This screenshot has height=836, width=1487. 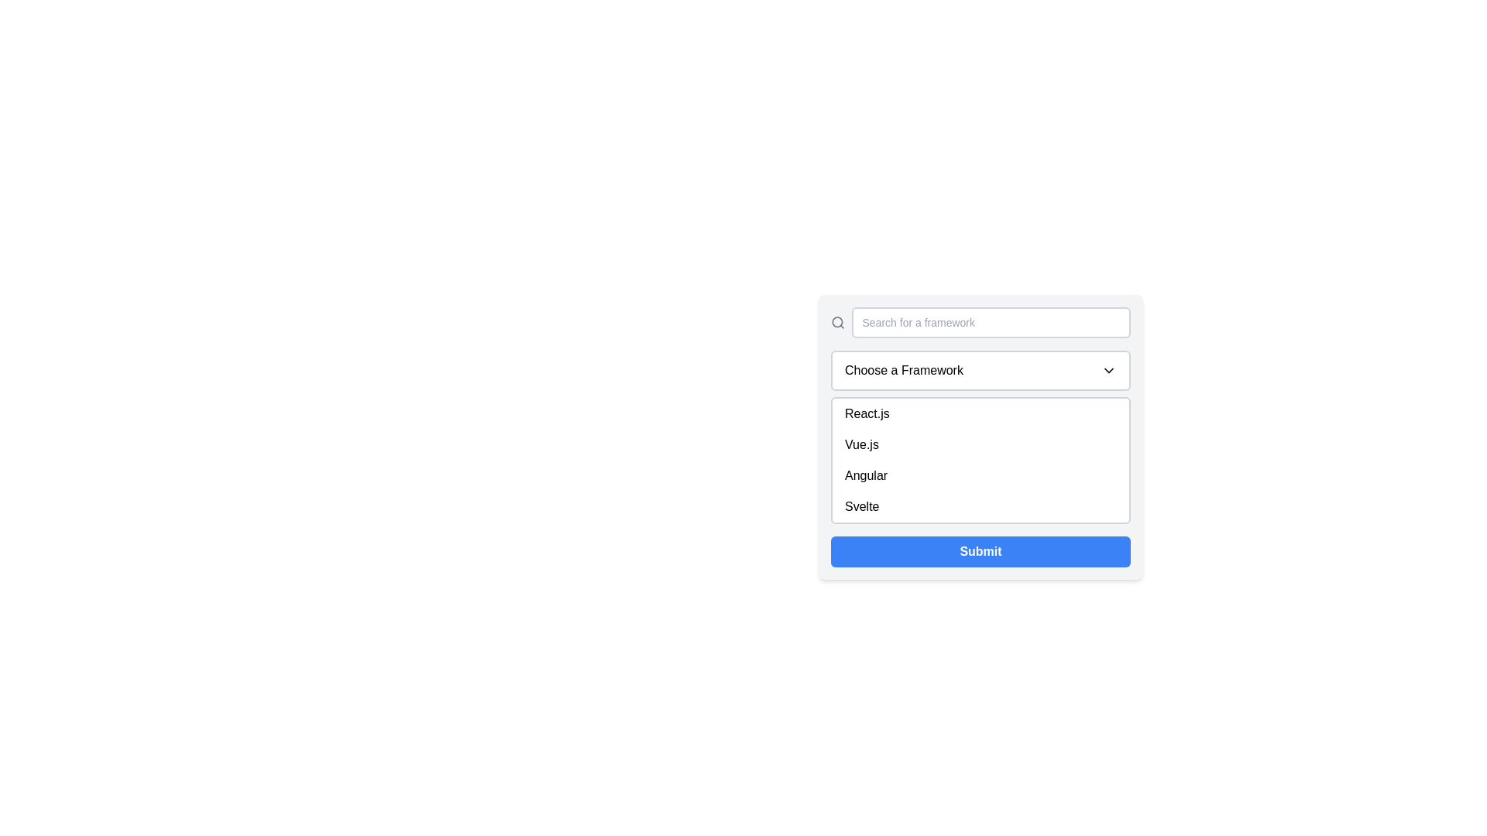 I want to click on the text label displaying 'Svelte' which is the last option in the dropdown list under 'Choose a Framework', so click(x=861, y=507).